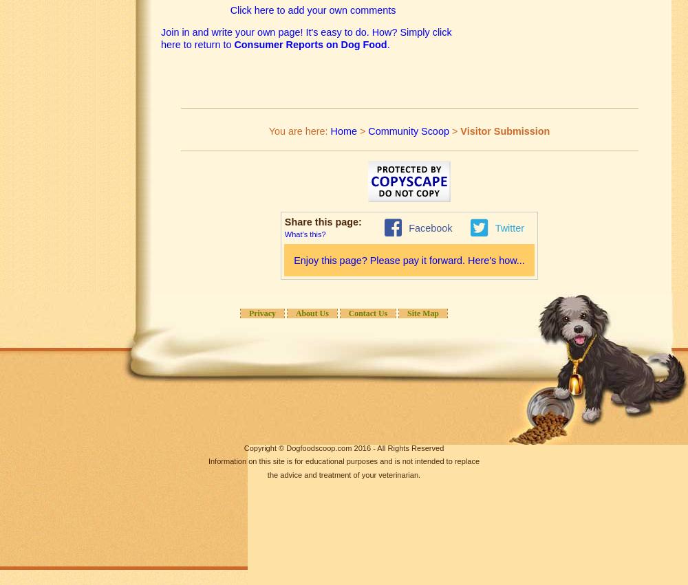  I want to click on '.', so click(387, 45).